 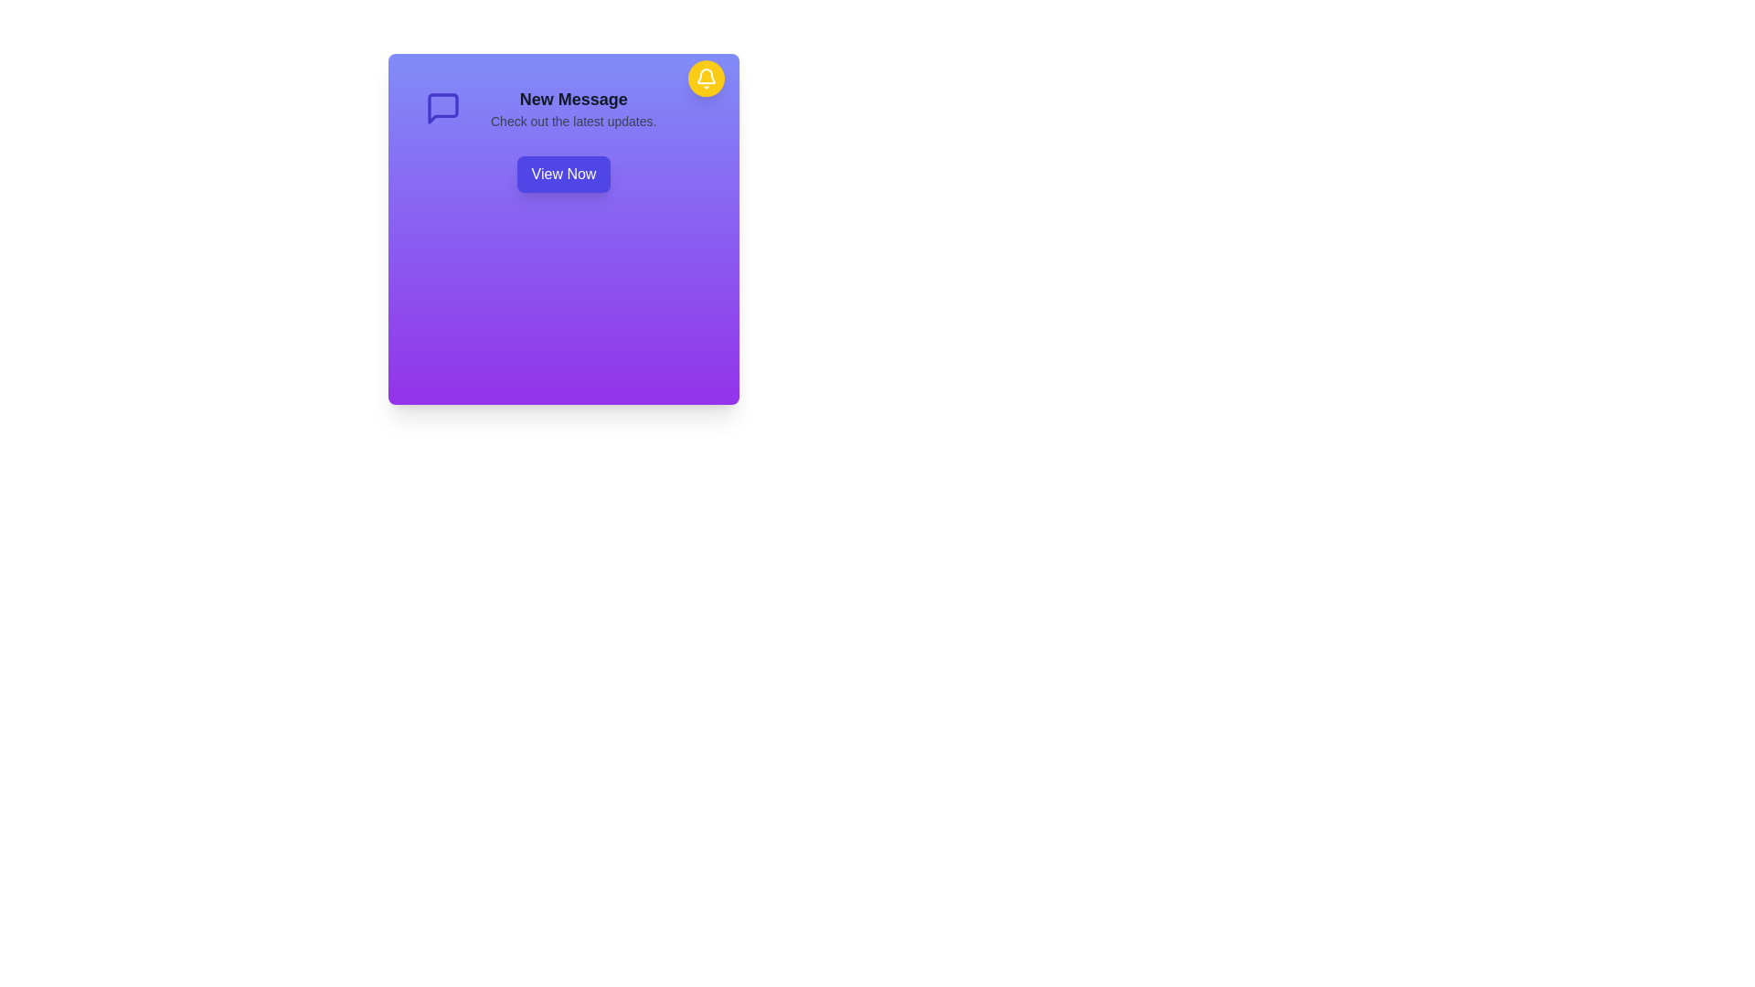 What do you see at coordinates (442, 109) in the screenshot?
I see `the 'New Message' icon located to the left of the title and description, which symbolizes new messages or updates` at bounding box center [442, 109].